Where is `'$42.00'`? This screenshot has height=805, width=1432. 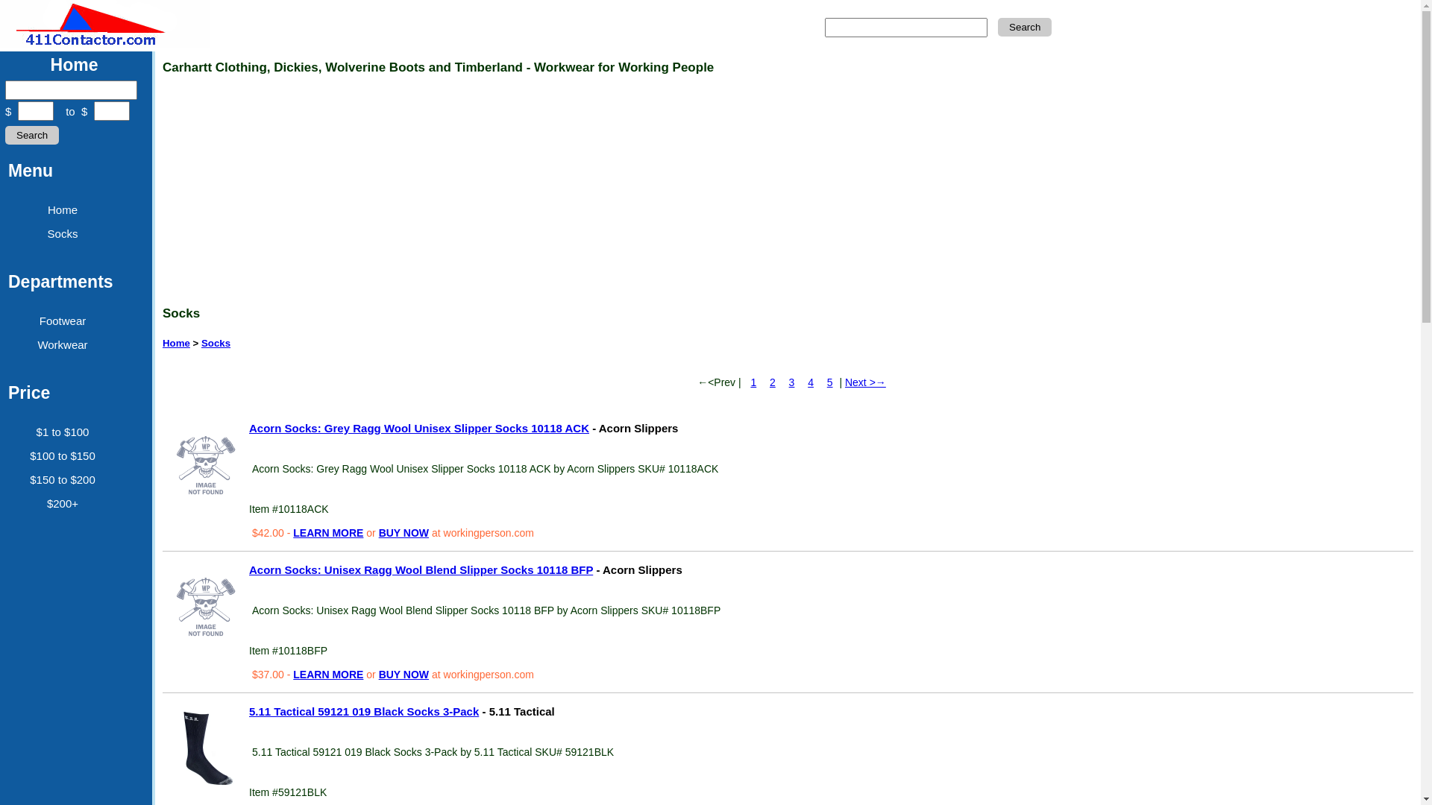
'$42.00' is located at coordinates (269, 531).